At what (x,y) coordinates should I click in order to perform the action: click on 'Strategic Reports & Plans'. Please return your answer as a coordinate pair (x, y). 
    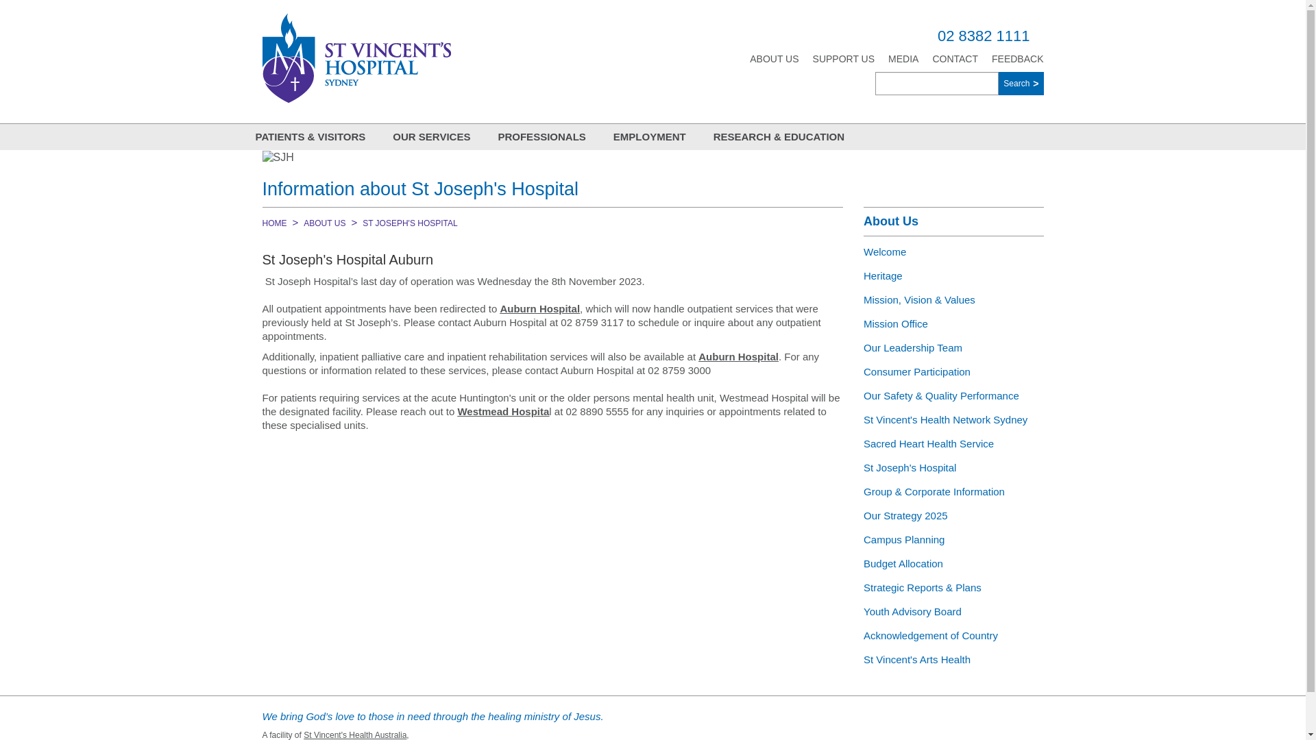
    Looking at the image, I should click on (953, 587).